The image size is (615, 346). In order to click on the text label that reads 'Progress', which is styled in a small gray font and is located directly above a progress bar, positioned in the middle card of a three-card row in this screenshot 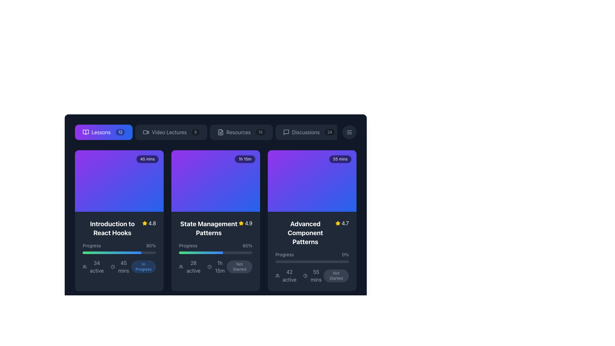, I will do `click(188, 245)`.